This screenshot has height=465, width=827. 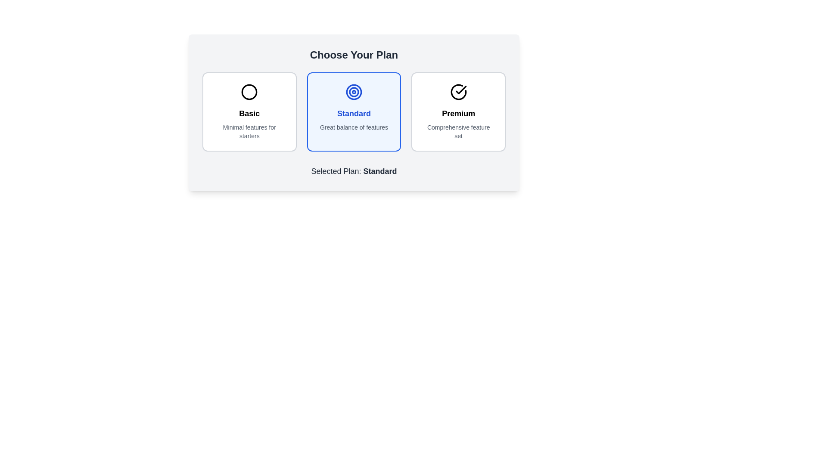 I want to click on the static text element displaying 'Standard', which indicates the currently selected subscription plan, so click(x=379, y=171).